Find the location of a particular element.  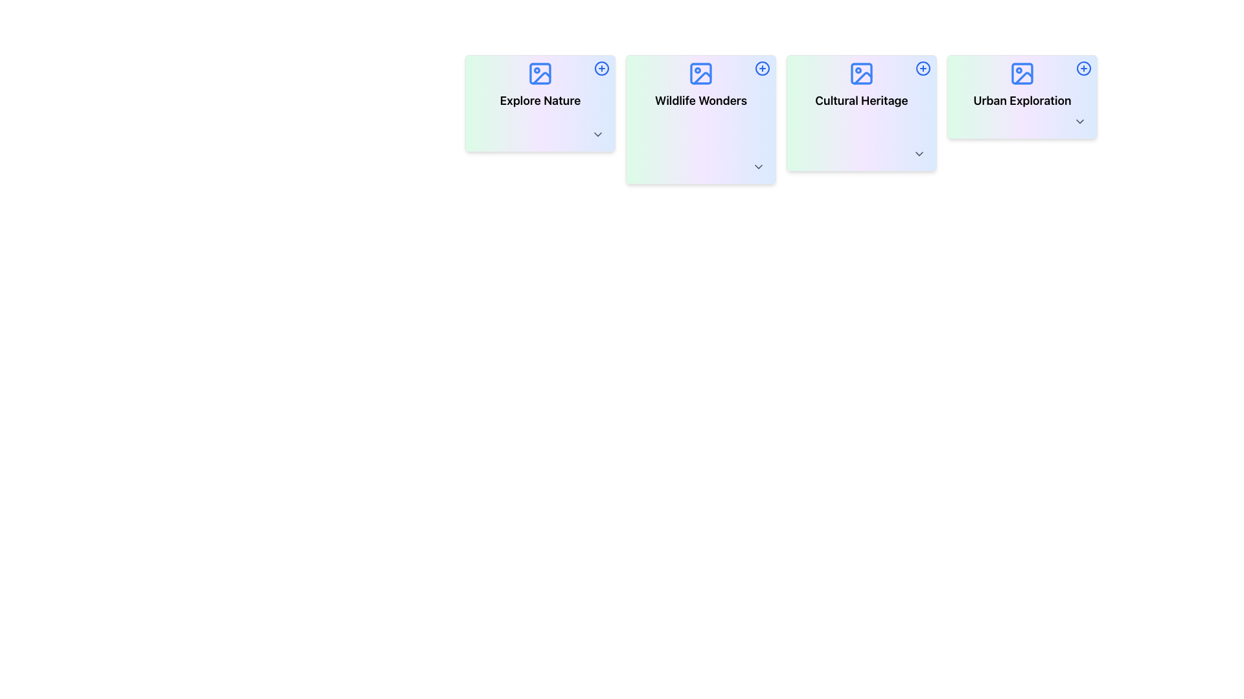

the circle component of the 'add' icon located in the top-right corner of the 'Urban Exploration' card is located at coordinates (1084, 68).